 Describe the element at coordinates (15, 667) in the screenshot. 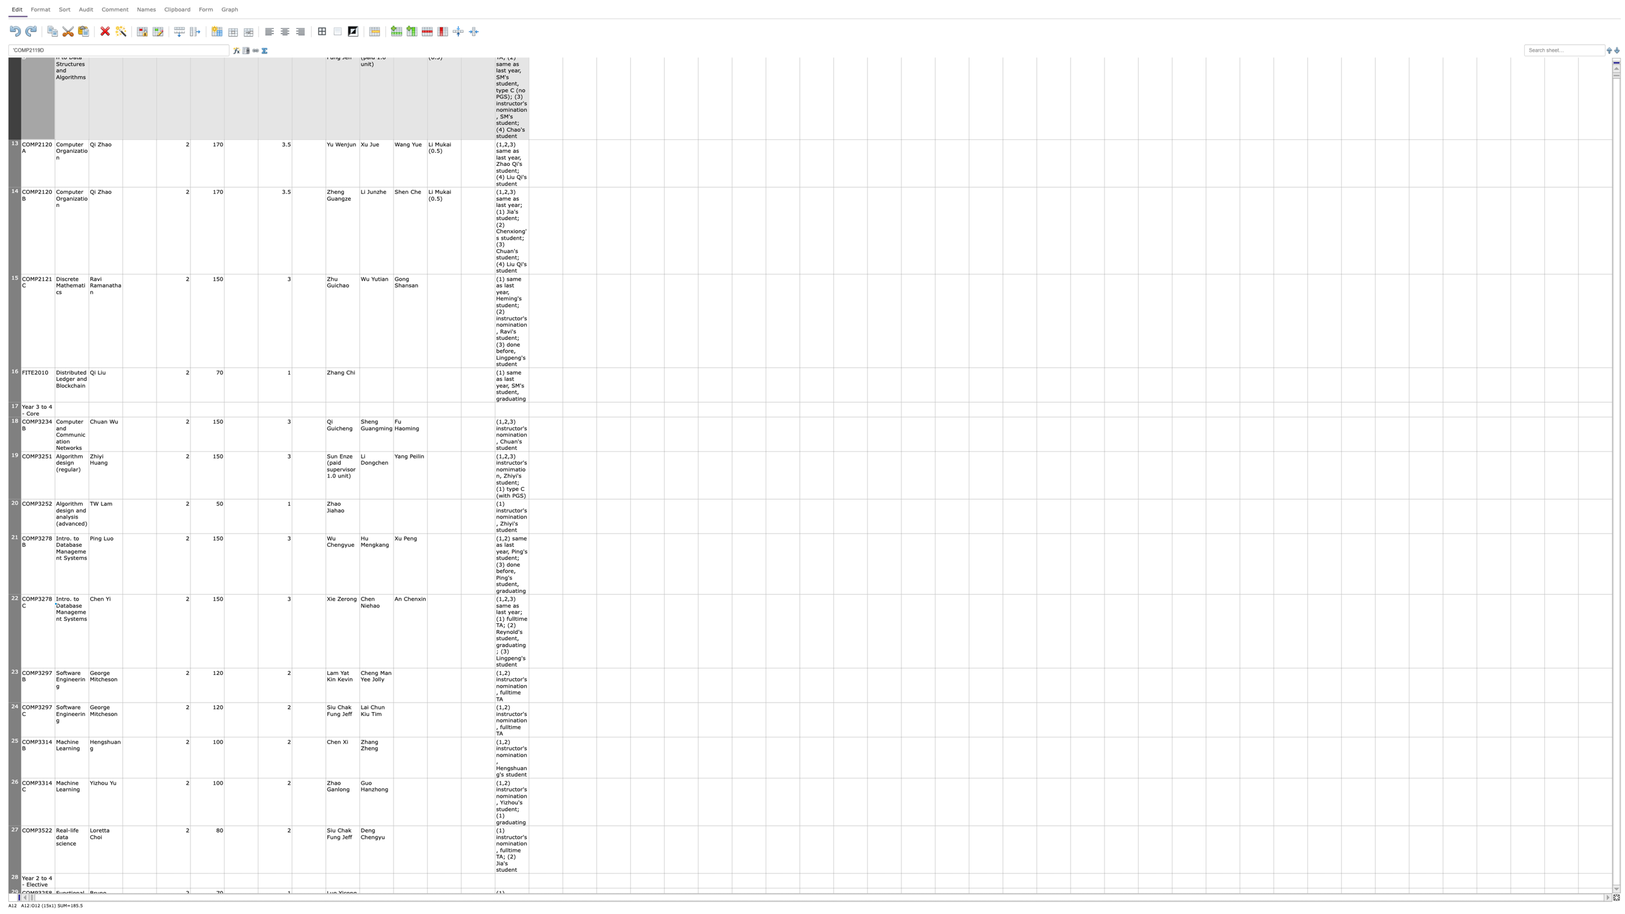

I see `Hover over row 22's resize handle` at that location.